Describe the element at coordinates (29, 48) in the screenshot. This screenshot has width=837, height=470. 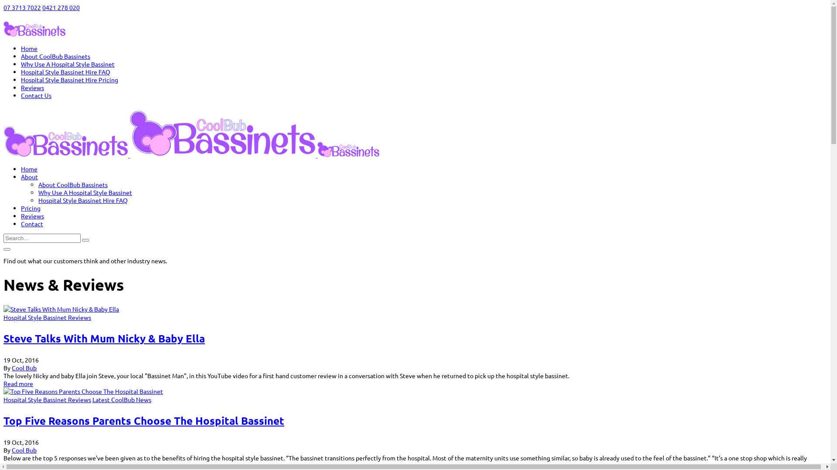
I see `'Home'` at that location.